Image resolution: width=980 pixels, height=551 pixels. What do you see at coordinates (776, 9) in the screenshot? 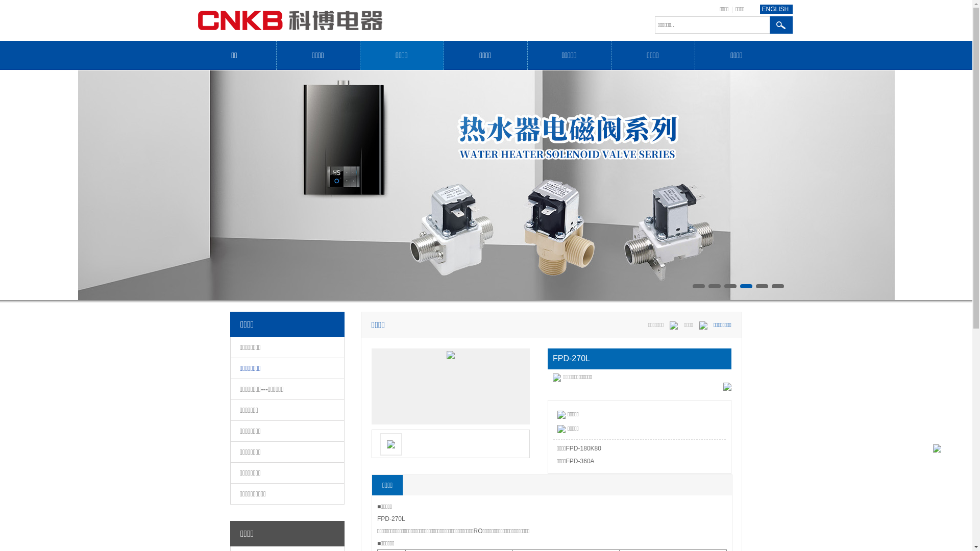
I see `'ENGLISH'` at bounding box center [776, 9].